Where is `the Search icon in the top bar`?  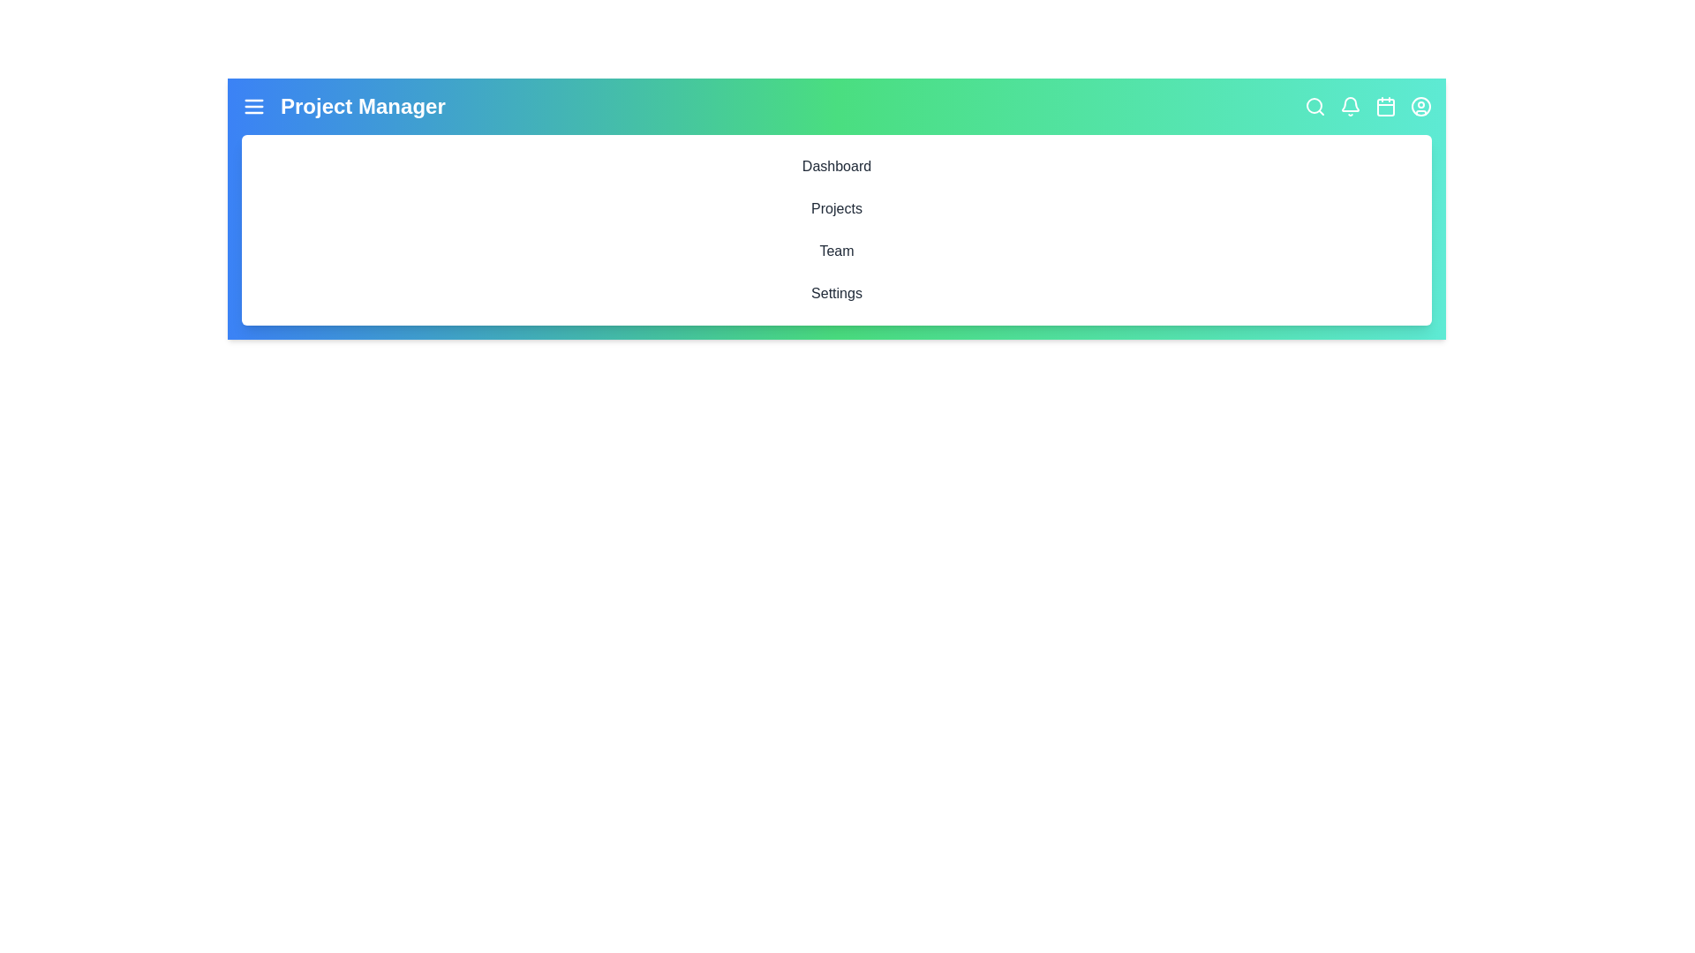
the Search icon in the top bar is located at coordinates (1315, 106).